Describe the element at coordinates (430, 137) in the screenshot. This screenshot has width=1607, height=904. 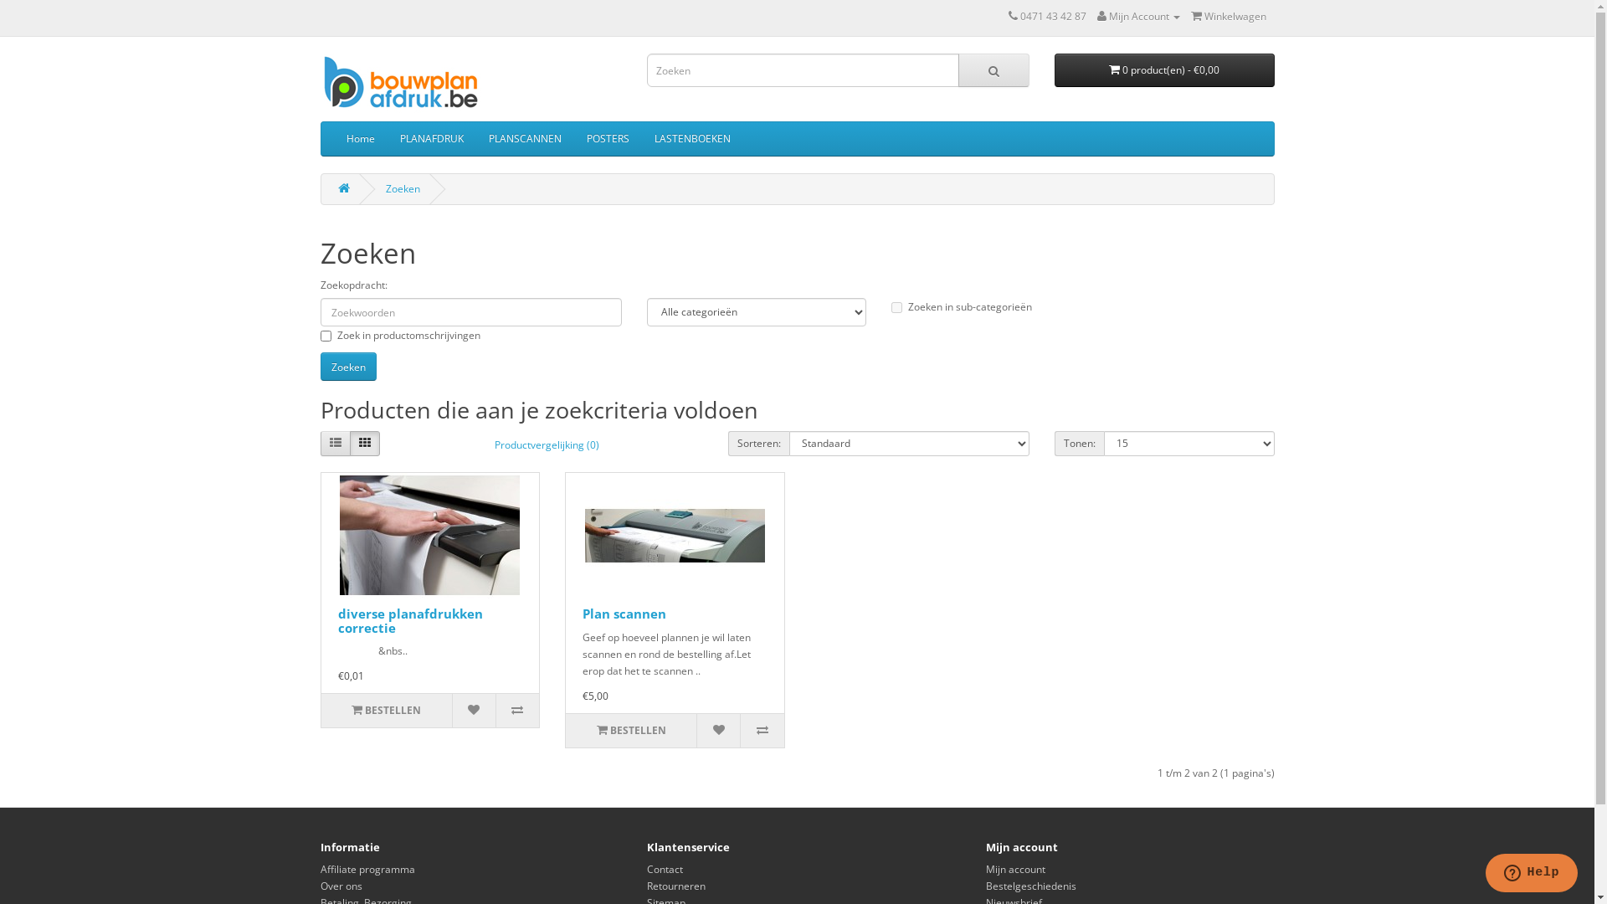
I see `'PLANAFDRUK'` at that location.